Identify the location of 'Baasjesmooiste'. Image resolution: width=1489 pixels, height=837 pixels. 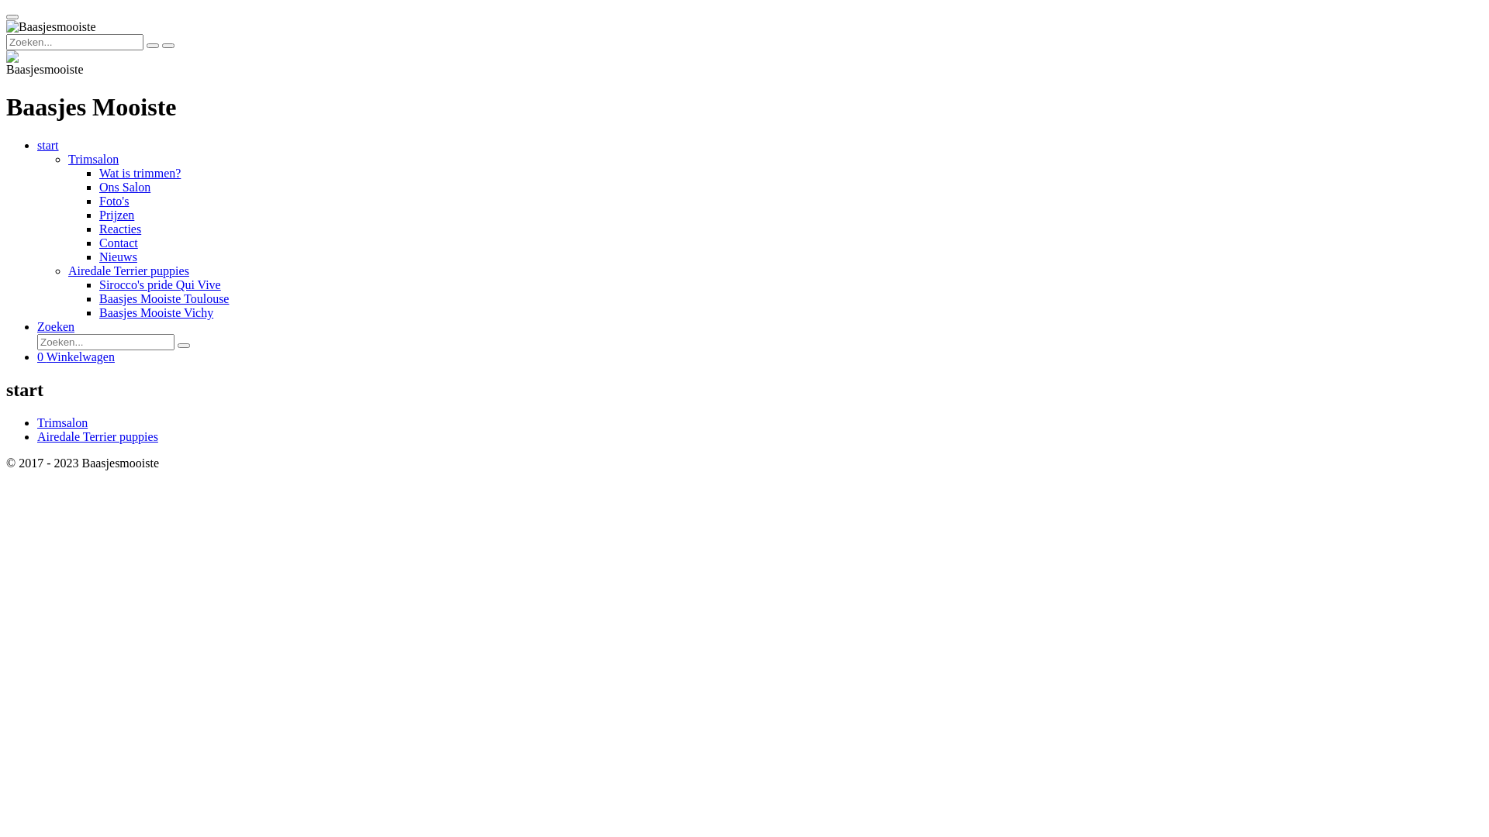
(44, 62).